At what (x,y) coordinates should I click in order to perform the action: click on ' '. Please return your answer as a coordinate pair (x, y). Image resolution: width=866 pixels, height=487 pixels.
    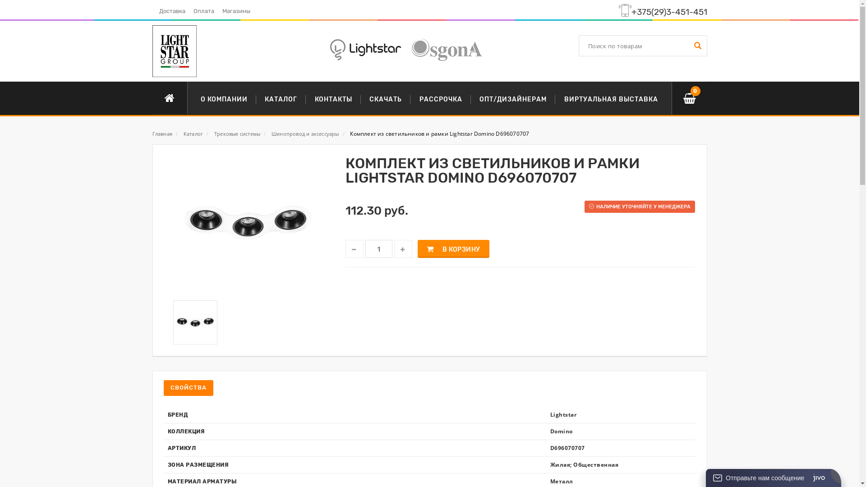
    Looking at the image, I should click on (402, 248).